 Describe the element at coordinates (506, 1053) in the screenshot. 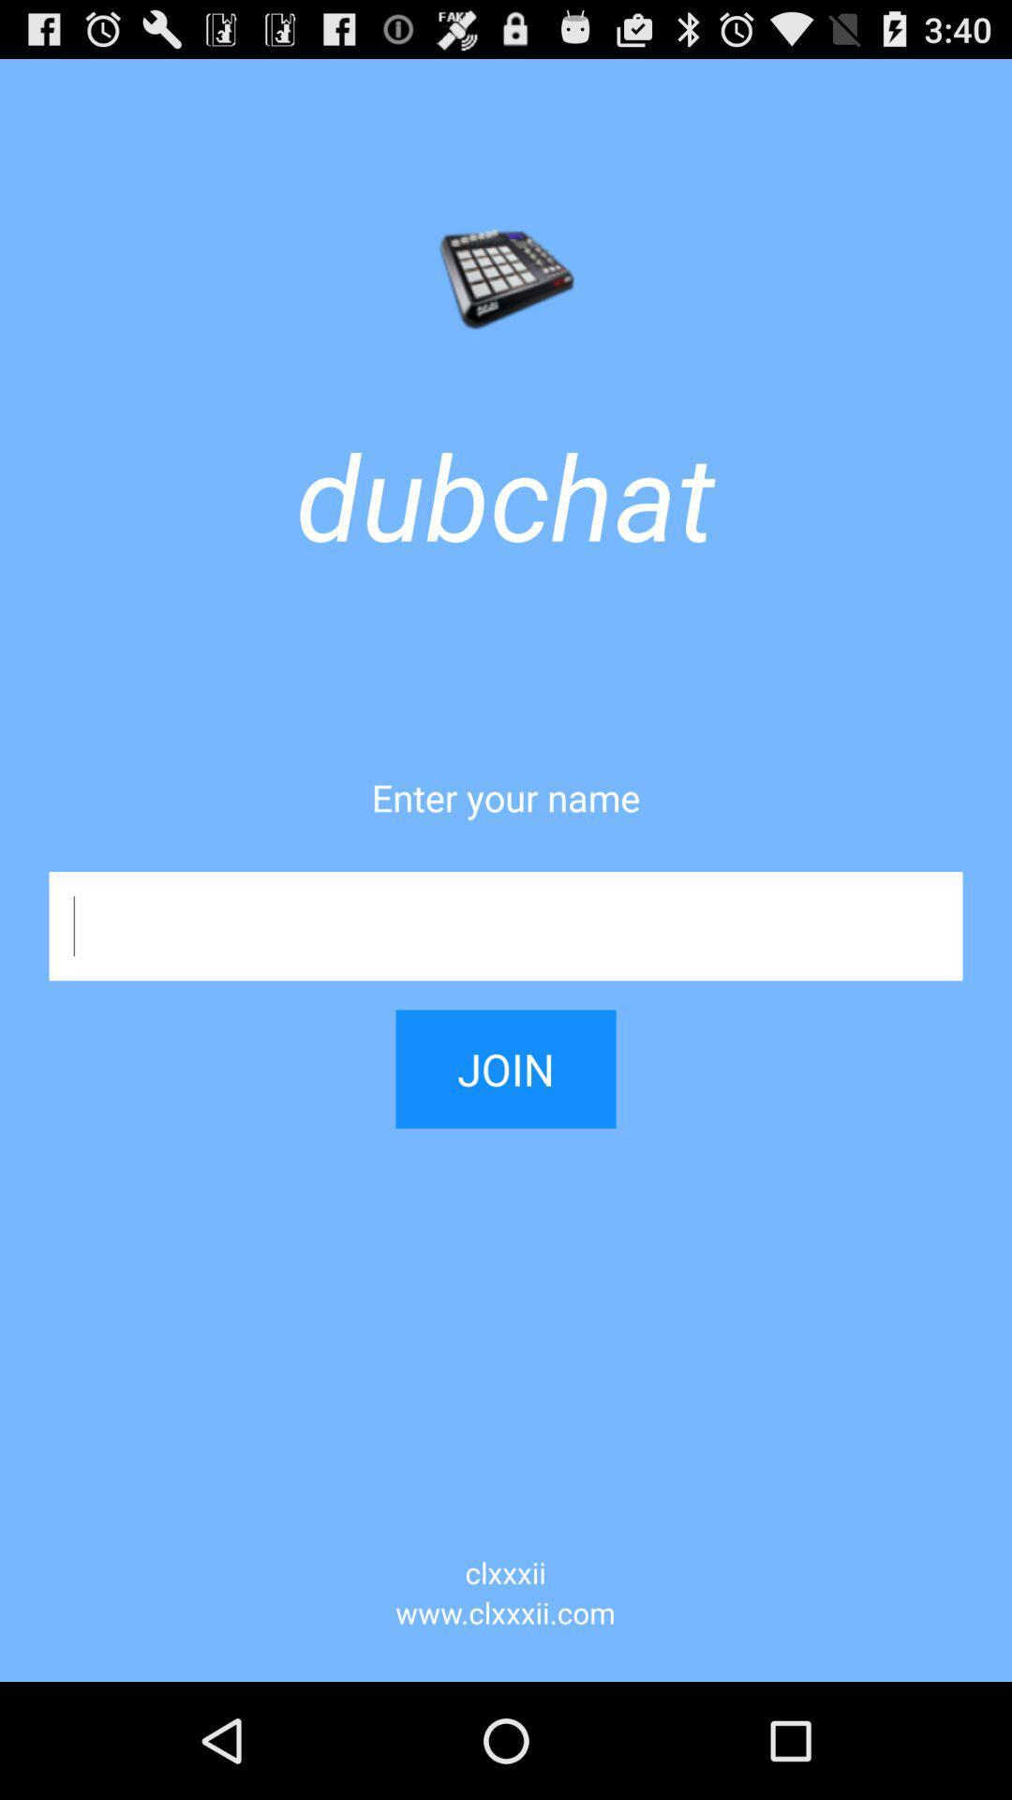

I see `item above the clxxxii icon` at that location.